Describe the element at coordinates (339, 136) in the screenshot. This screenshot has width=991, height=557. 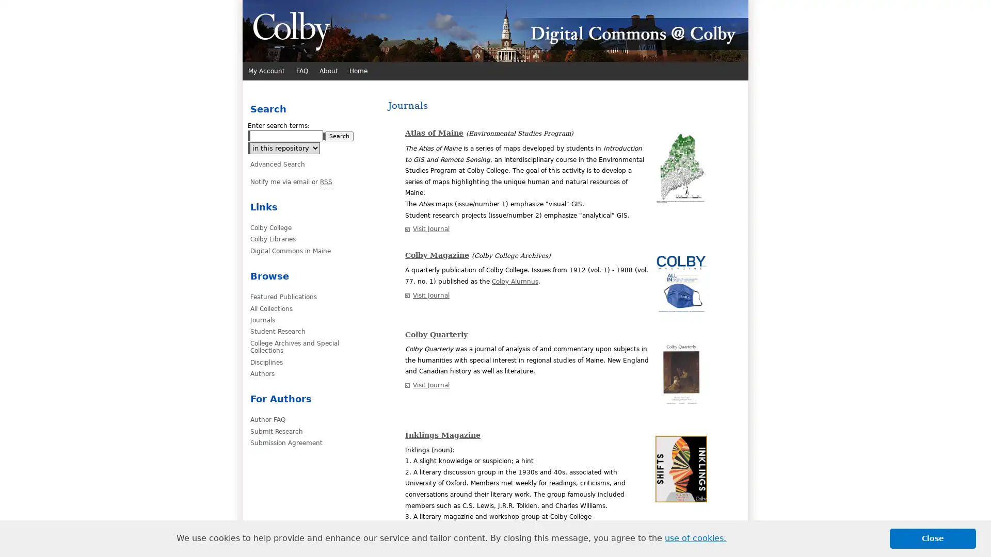
I see `Search` at that location.